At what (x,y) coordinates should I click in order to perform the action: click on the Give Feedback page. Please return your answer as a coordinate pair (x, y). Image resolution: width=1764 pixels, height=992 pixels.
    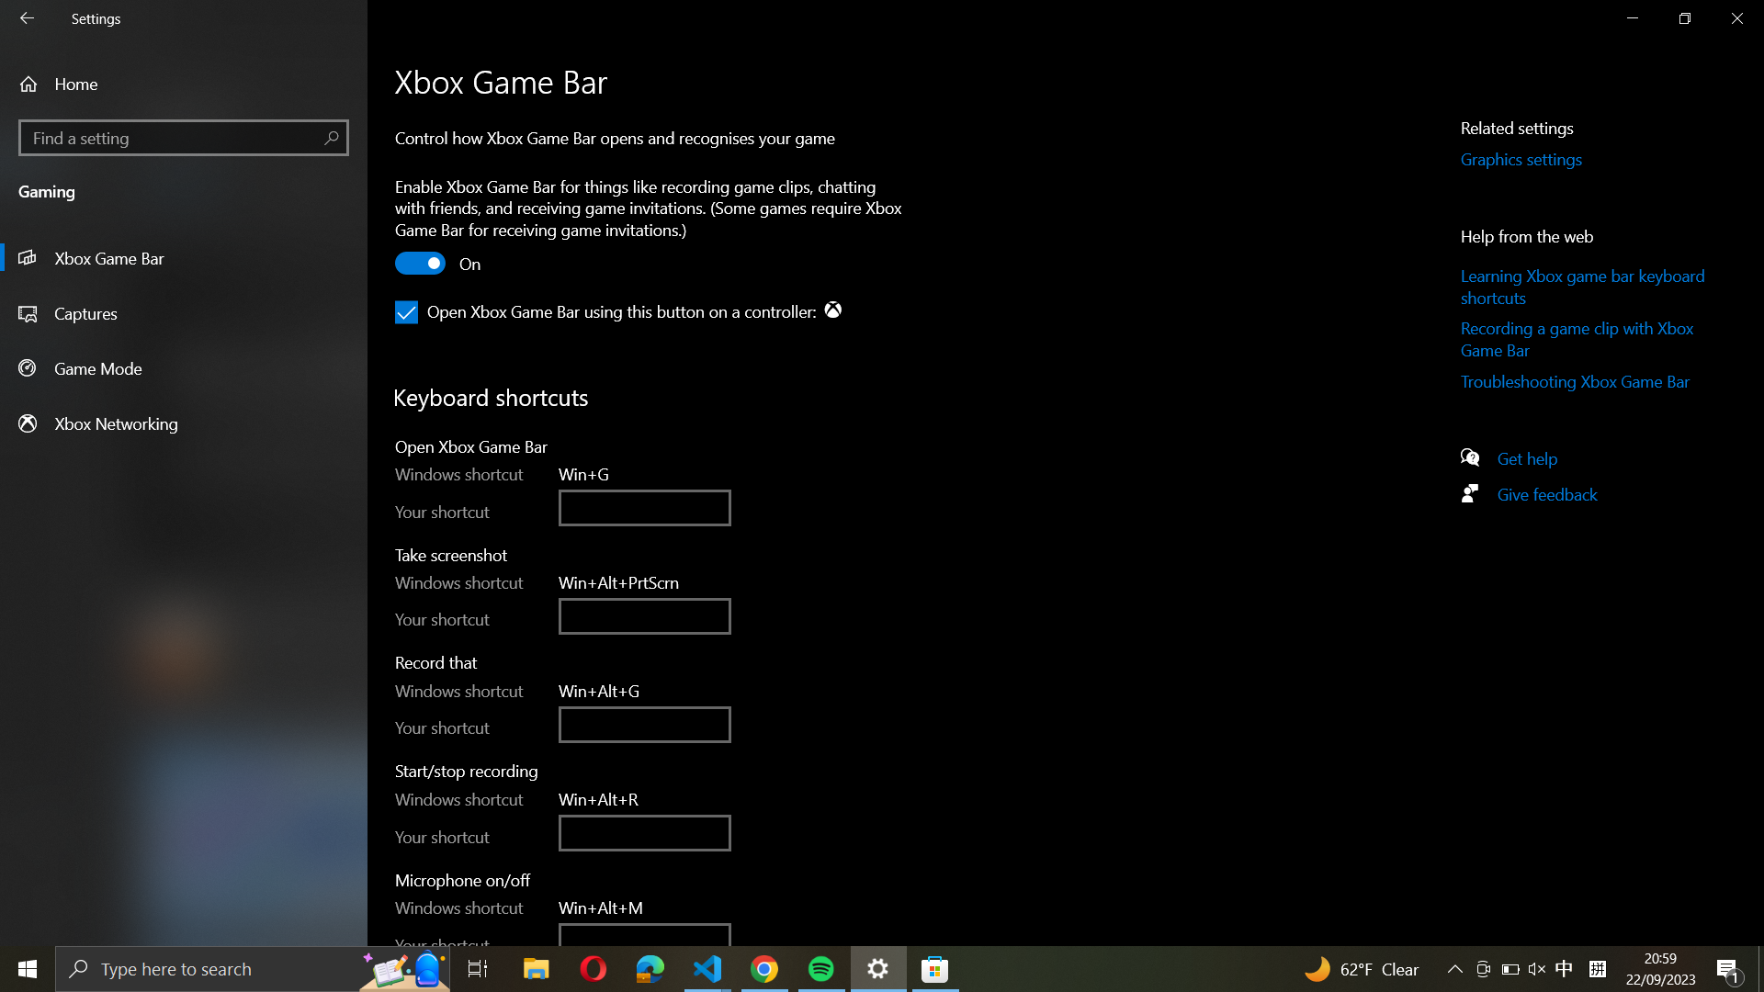
    Looking at the image, I should click on (1536, 498).